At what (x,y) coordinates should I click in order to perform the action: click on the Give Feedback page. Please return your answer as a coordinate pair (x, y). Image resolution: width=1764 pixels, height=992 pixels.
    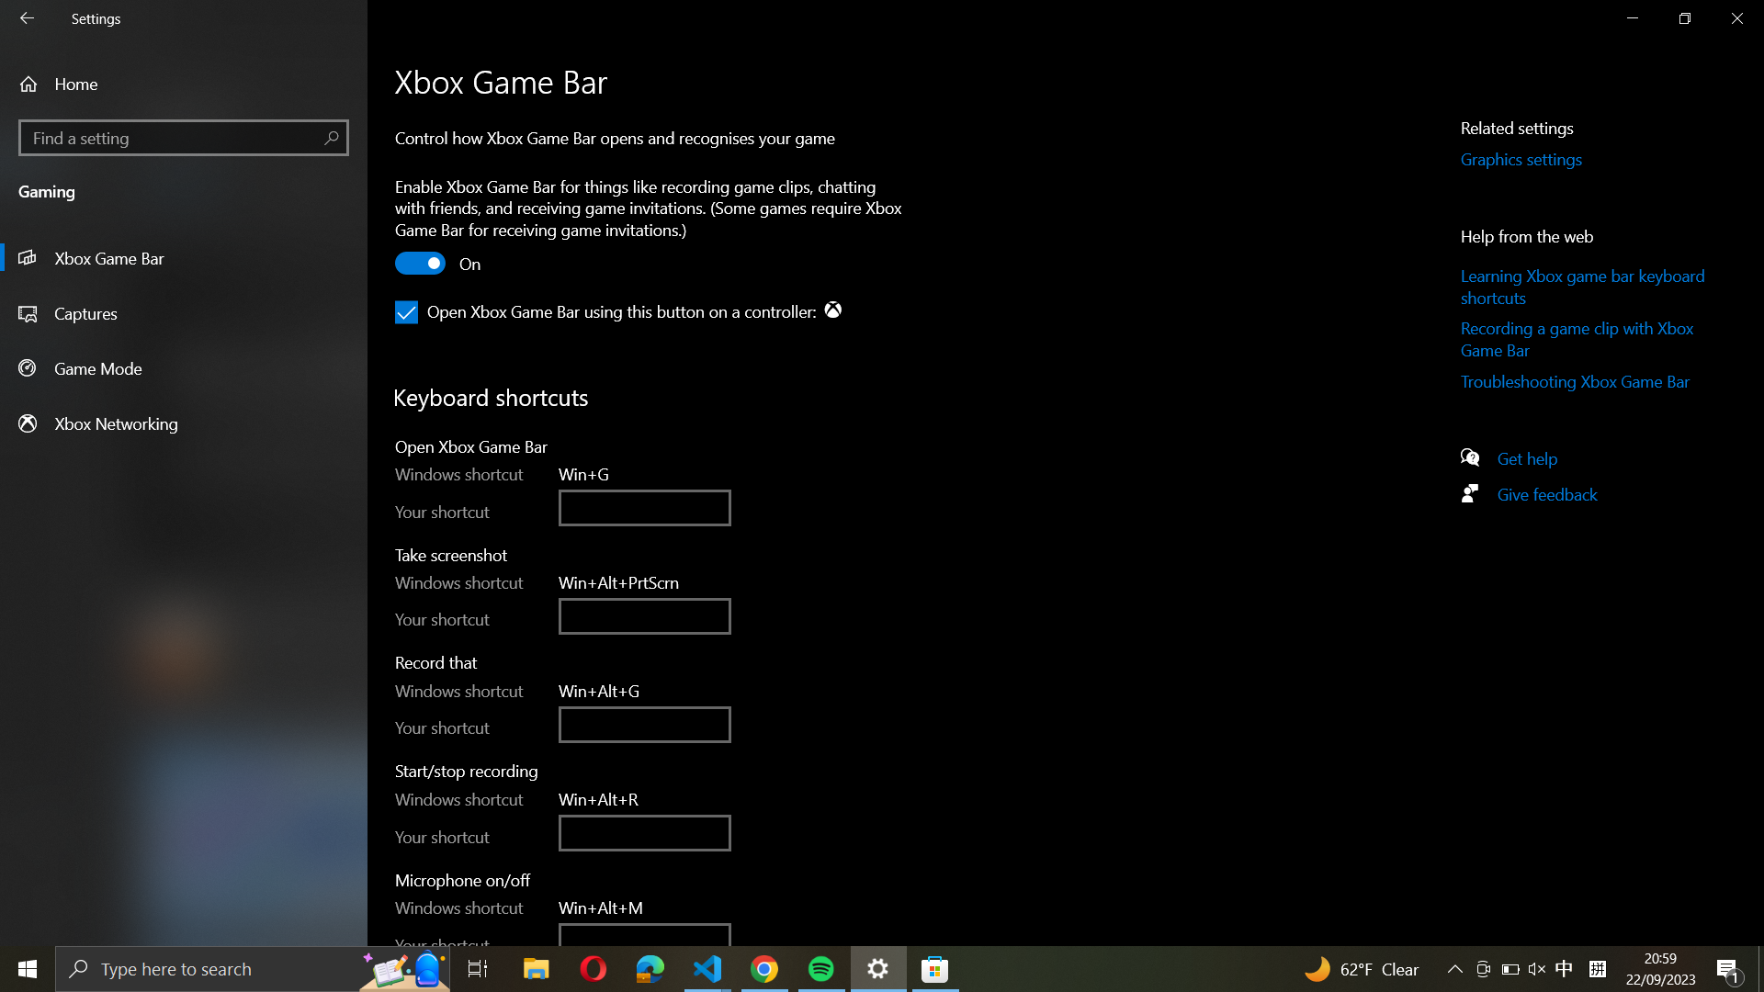
    Looking at the image, I should click on (1536, 498).